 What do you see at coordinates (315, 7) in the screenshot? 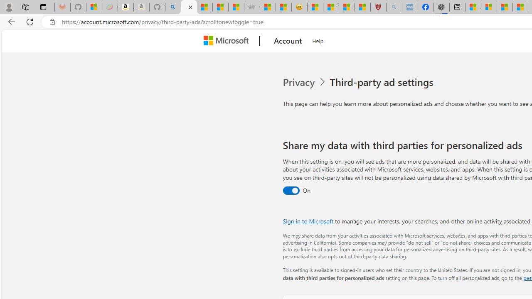
I see `'Recipes - MSN'` at bounding box center [315, 7].